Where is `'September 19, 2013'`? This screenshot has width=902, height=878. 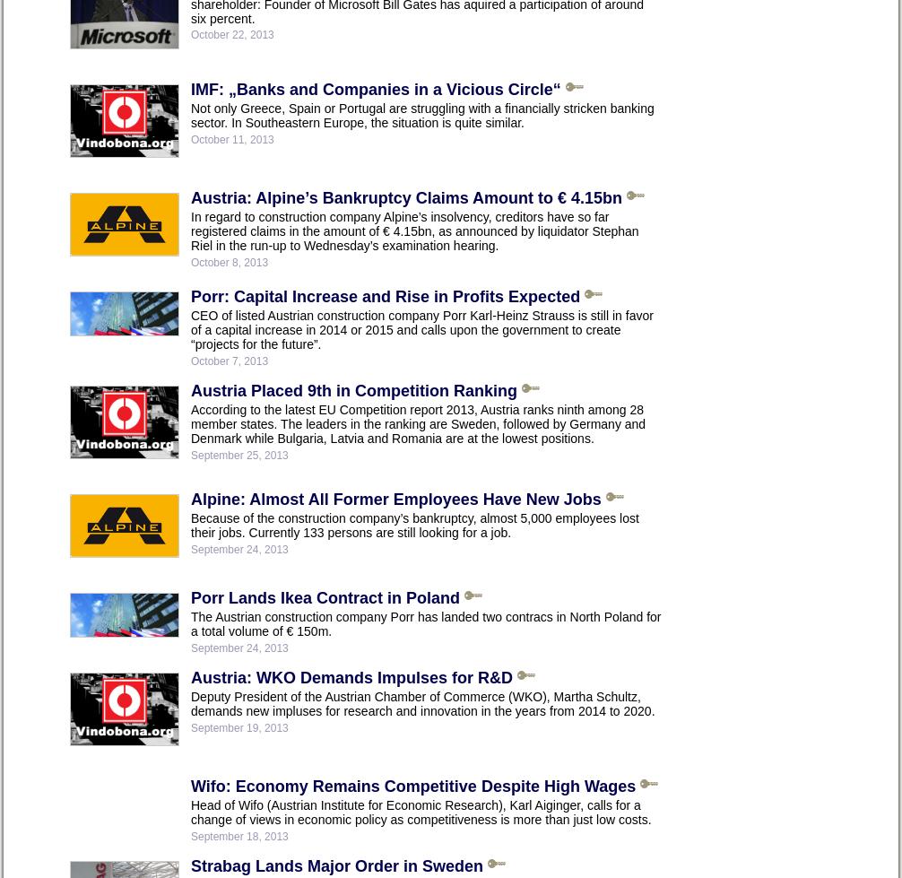
'September 19, 2013' is located at coordinates (238, 726).